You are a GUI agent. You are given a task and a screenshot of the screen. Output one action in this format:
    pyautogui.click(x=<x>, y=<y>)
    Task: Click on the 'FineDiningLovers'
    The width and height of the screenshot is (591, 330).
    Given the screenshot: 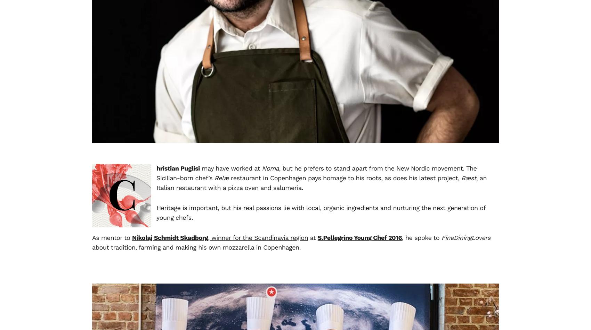 What is the action you would take?
    pyautogui.click(x=441, y=238)
    